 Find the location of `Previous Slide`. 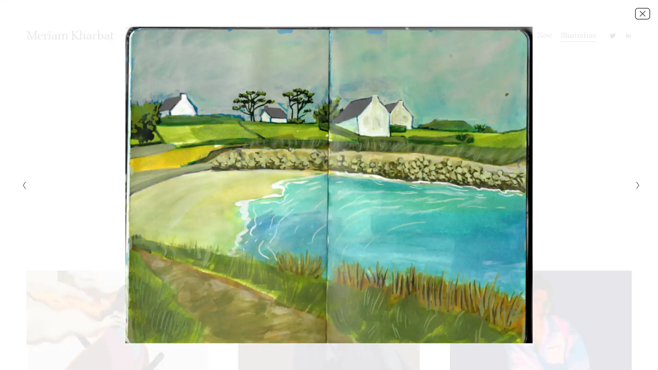

Previous Slide is located at coordinates (22, 185).